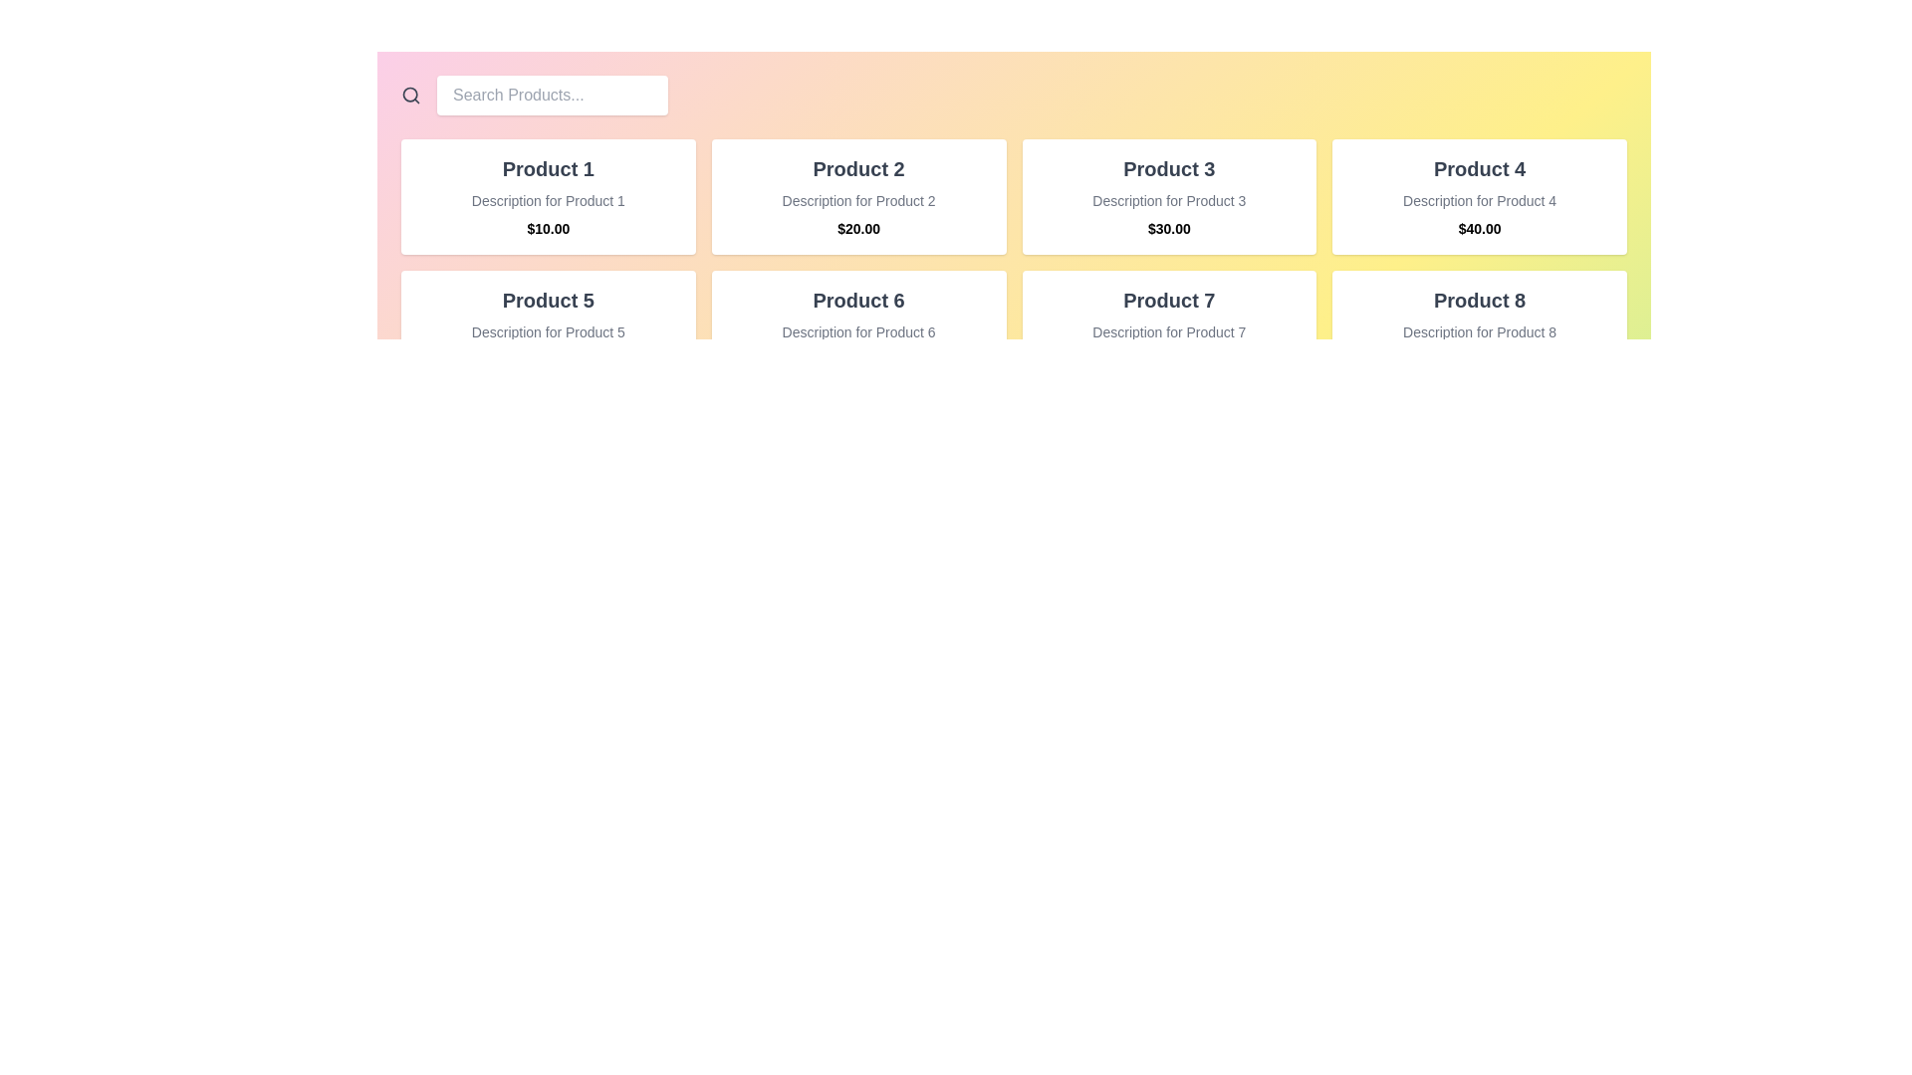  I want to click on the text label displaying '$40.00', which is bold and positioned below the description for 'Product 4', so click(1480, 228).